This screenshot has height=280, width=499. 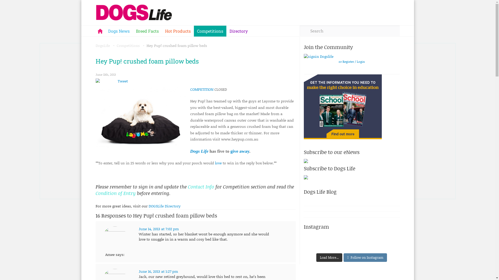 What do you see at coordinates (351, 61) in the screenshot?
I see `'or Register / Login'` at bounding box center [351, 61].